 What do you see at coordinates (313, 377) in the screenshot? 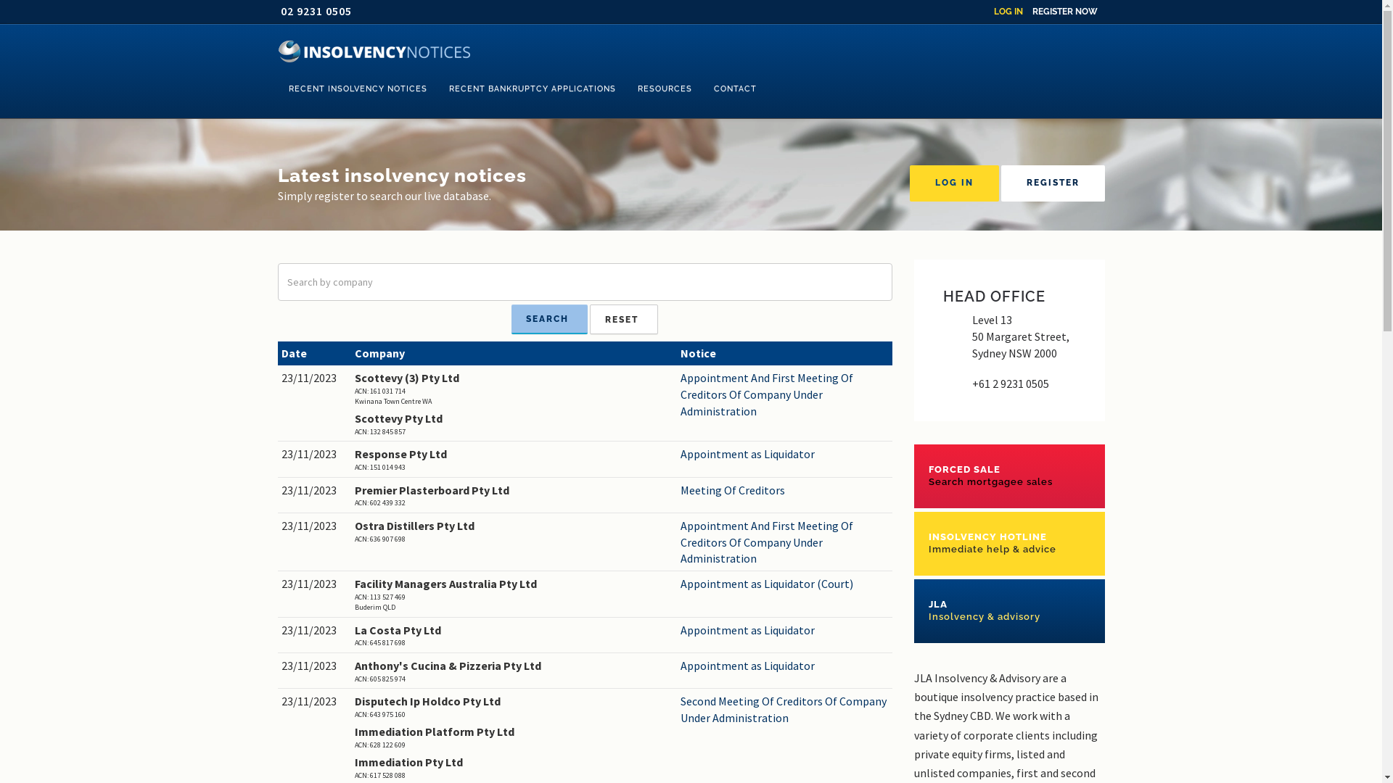
I see `'23/11/2023'` at bounding box center [313, 377].